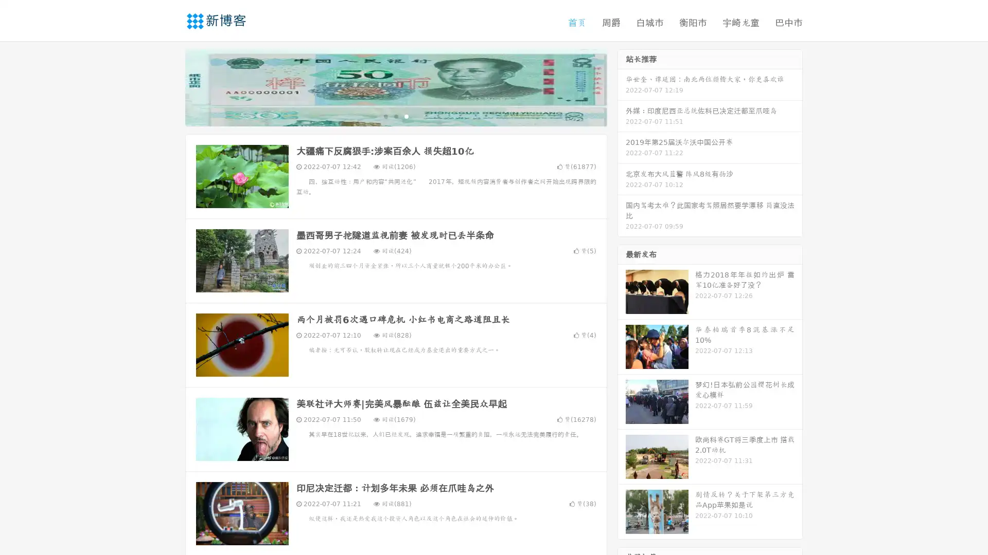 The height and width of the screenshot is (555, 988). What do you see at coordinates (406, 116) in the screenshot?
I see `Go to slide 3` at bounding box center [406, 116].